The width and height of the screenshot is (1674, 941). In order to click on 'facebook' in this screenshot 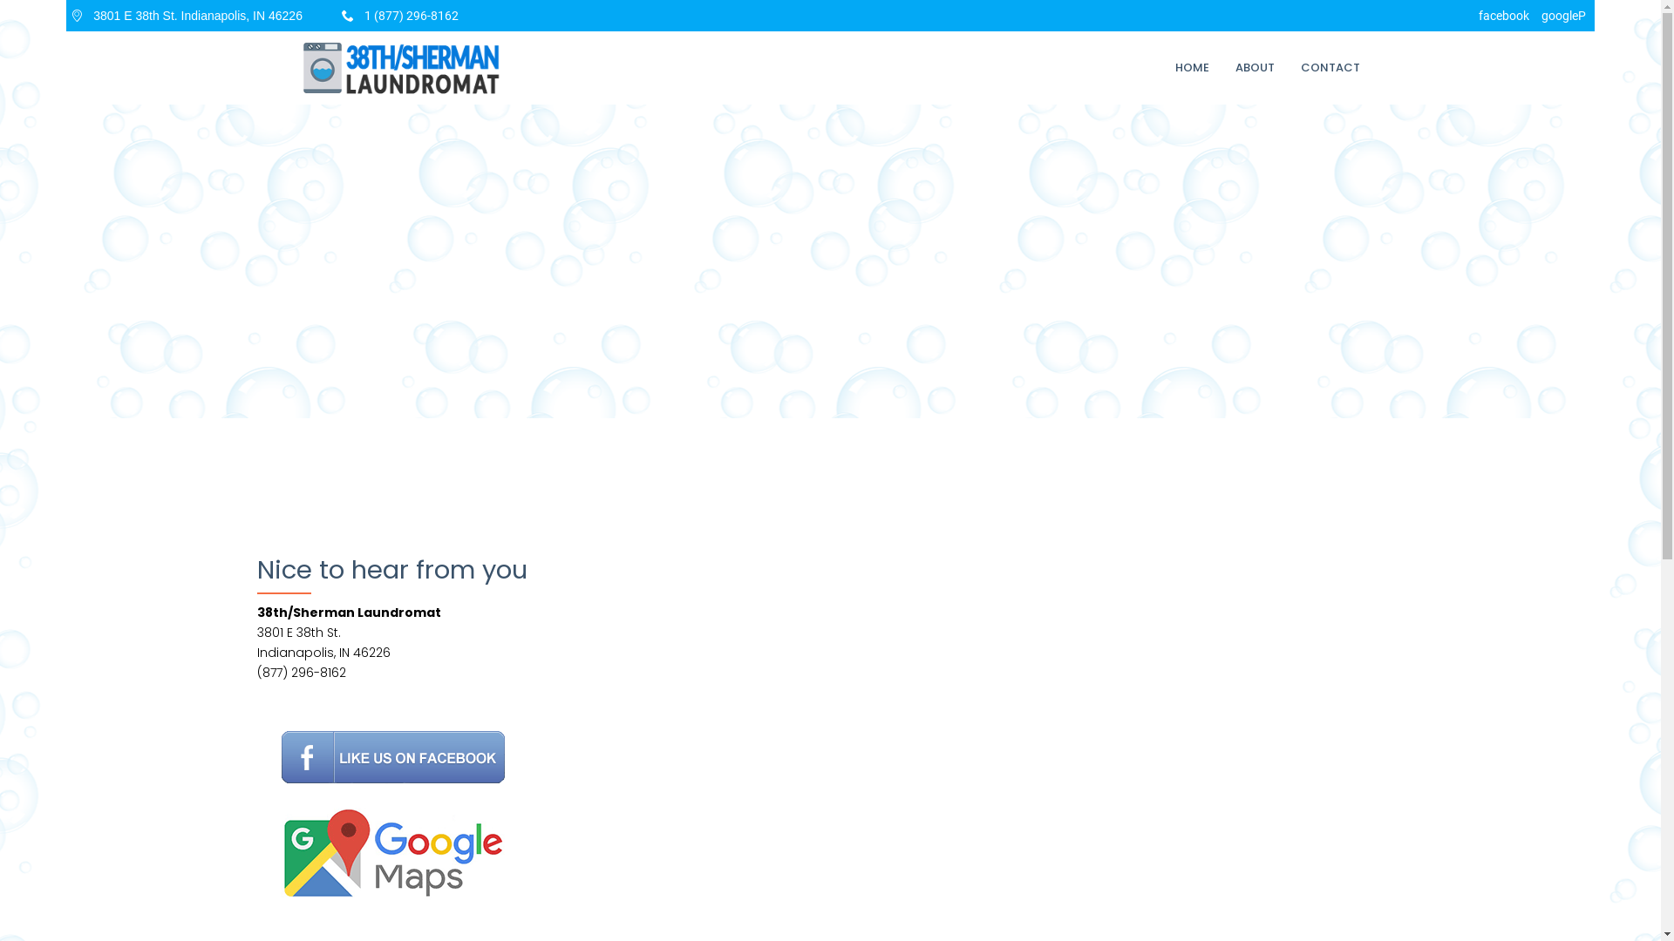, I will do `click(1502, 16)`.